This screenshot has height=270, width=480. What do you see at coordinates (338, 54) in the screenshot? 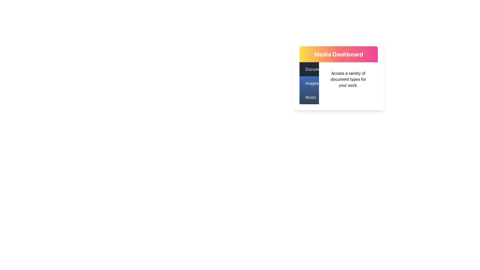
I see `title from the header labeled 'Media Dashboard' located at the top of the card-like layout` at bounding box center [338, 54].